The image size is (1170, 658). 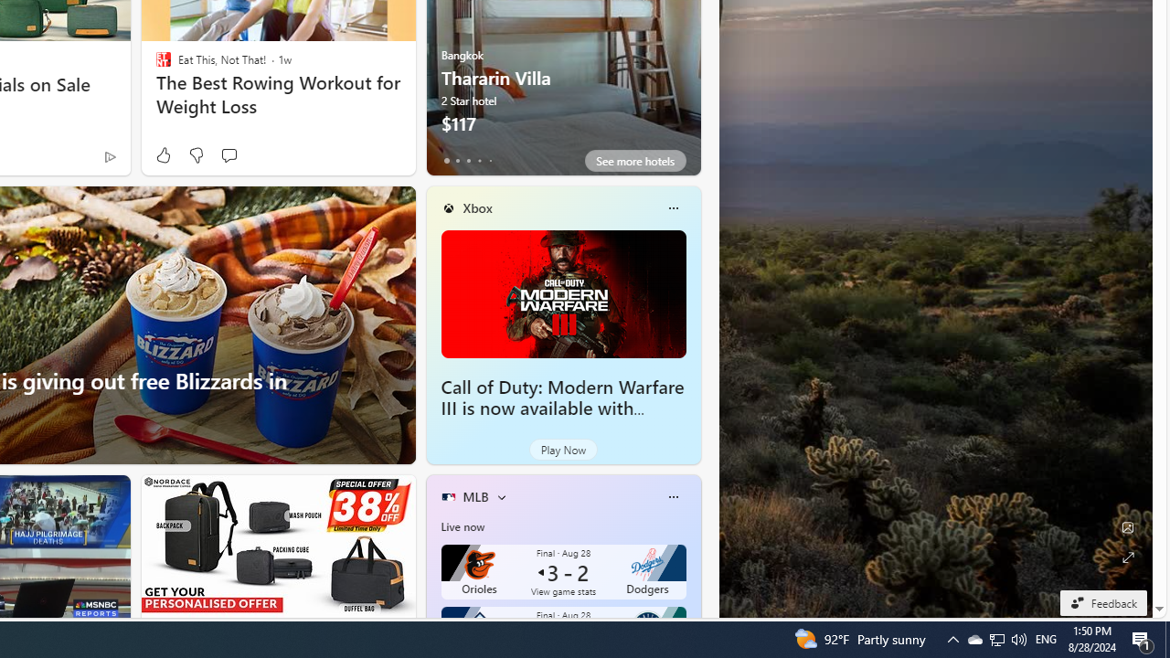 I want to click on 'Start the conversation', so click(x=228, y=154).